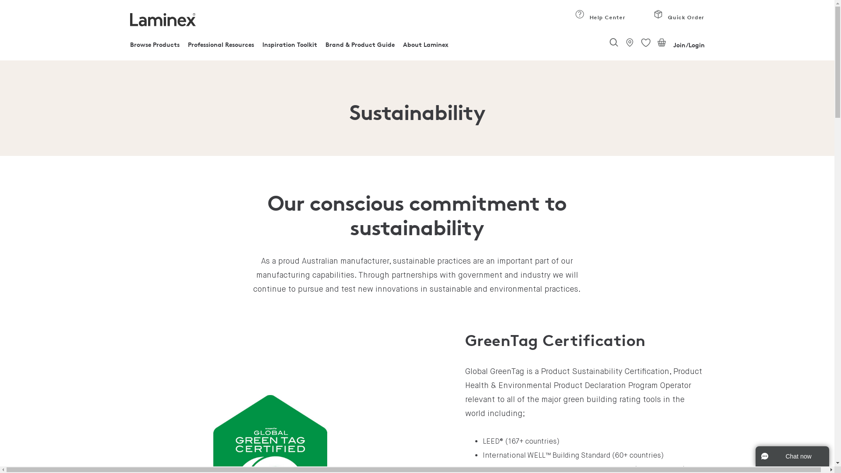  What do you see at coordinates (613, 43) in the screenshot?
I see `'Search for products or content'` at bounding box center [613, 43].